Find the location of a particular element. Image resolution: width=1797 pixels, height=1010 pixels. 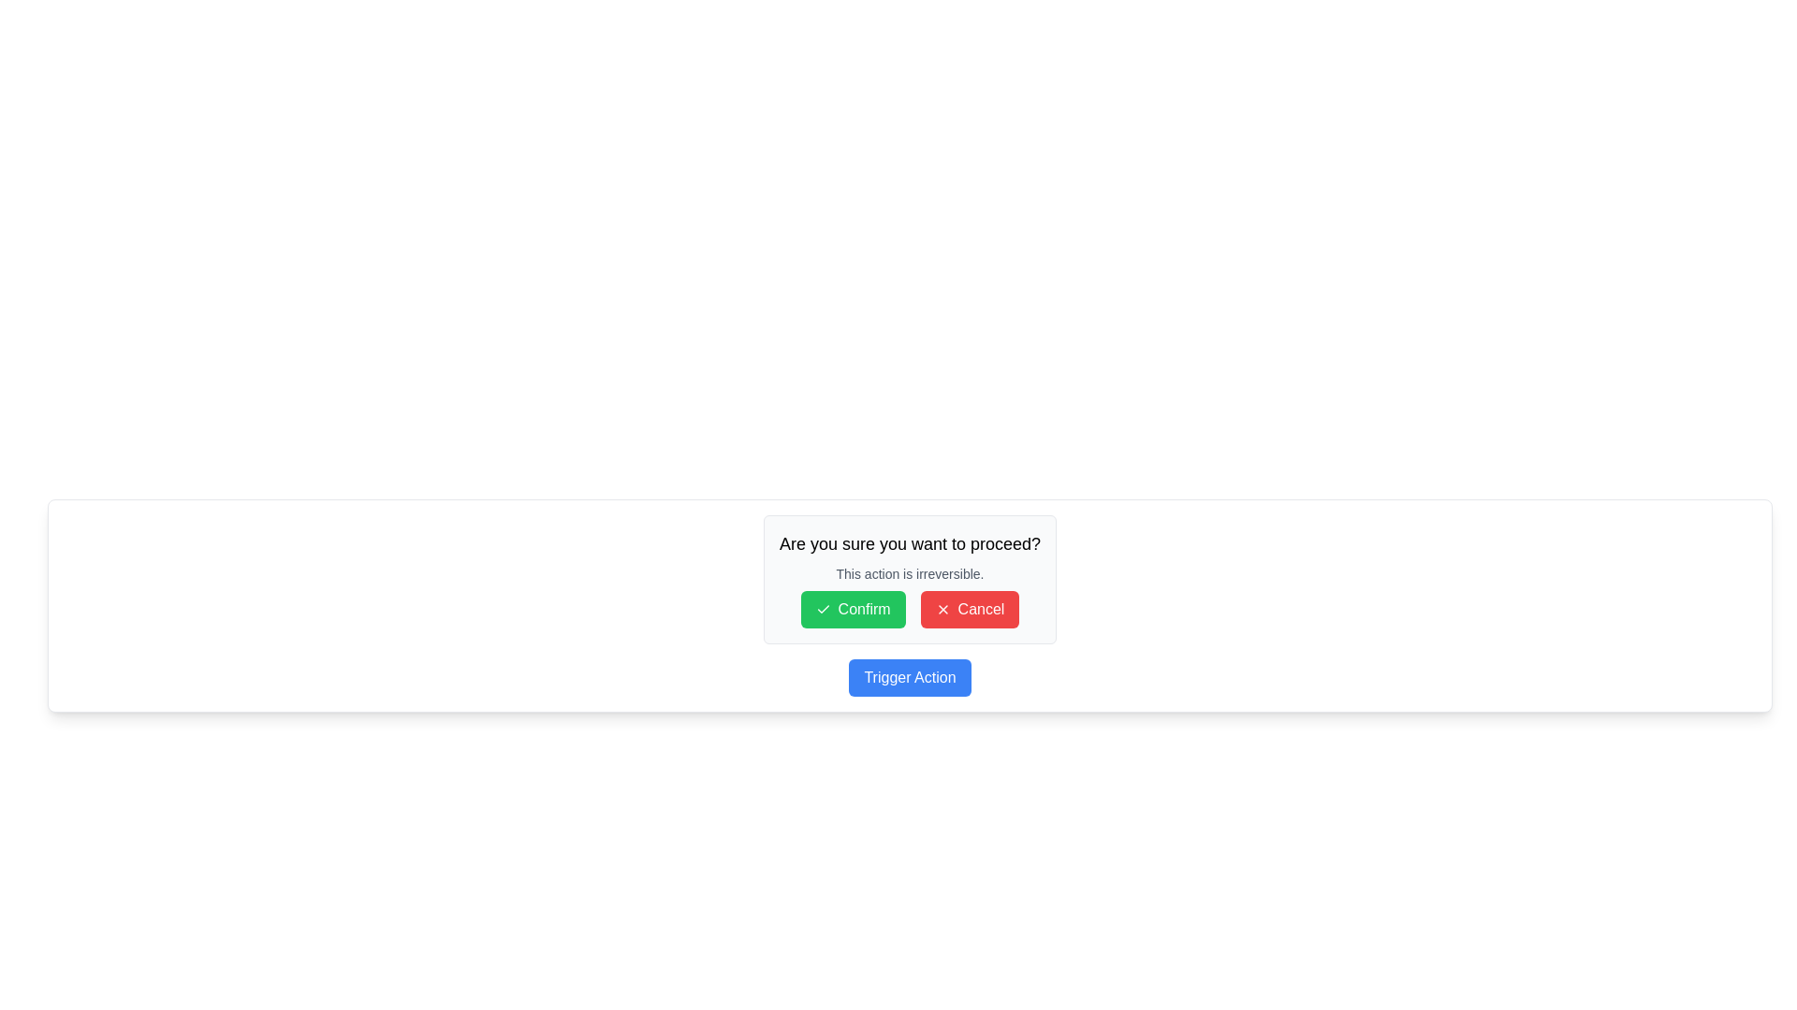

the 'Confirm' button located on the left side of the button group below the confirmation message is located at coordinates (852, 609).